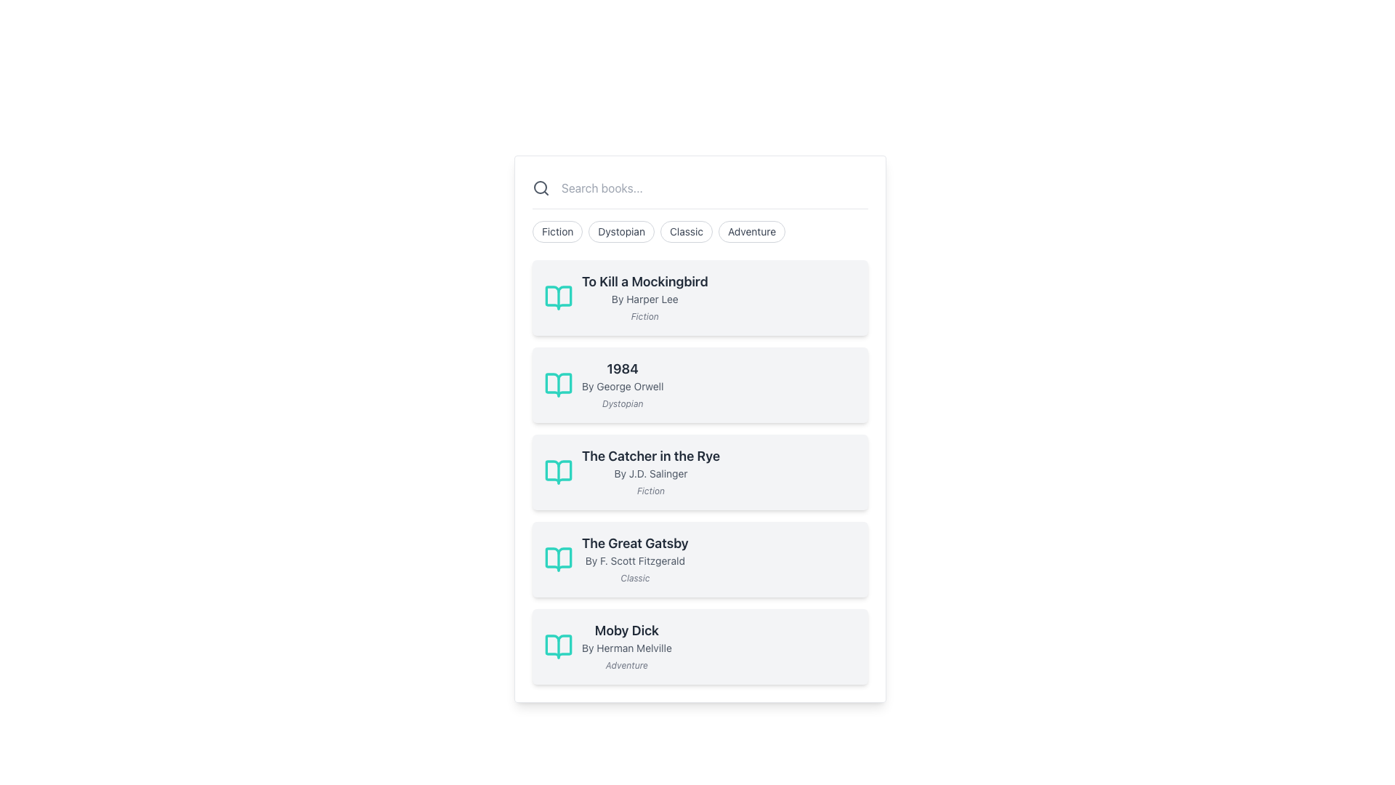 The image size is (1395, 785). Describe the element at coordinates (557, 646) in the screenshot. I see `the open book icon styled with teal strokes, located to the left of the text content for the book 'Moby Dick'` at that location.